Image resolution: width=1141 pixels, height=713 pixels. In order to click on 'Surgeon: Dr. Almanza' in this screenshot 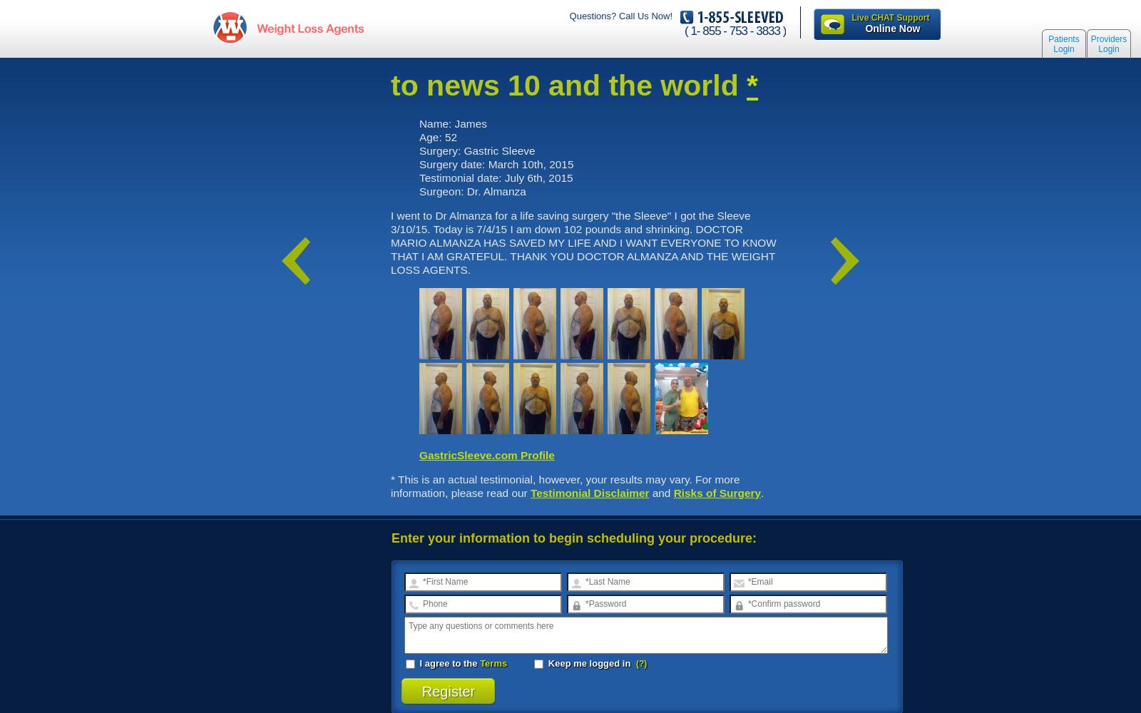, I will do `click(472, 190)`.